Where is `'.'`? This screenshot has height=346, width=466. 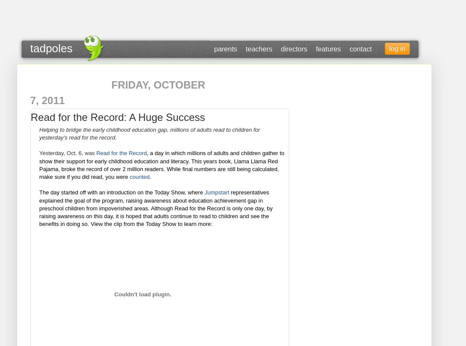 '.' is located at coordinates (151, 176).